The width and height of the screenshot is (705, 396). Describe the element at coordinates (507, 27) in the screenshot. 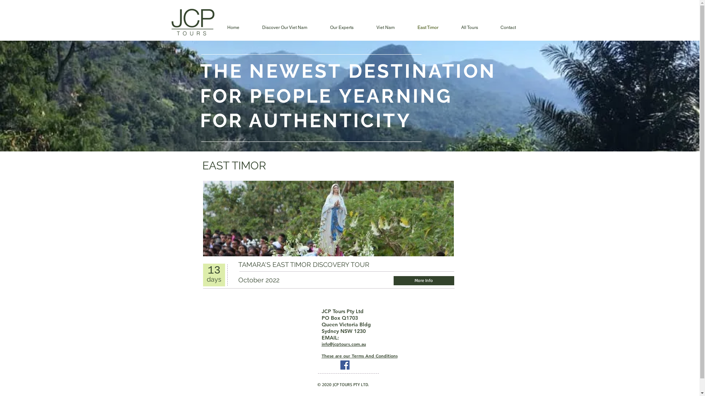

I see `'Contact'` at that location.